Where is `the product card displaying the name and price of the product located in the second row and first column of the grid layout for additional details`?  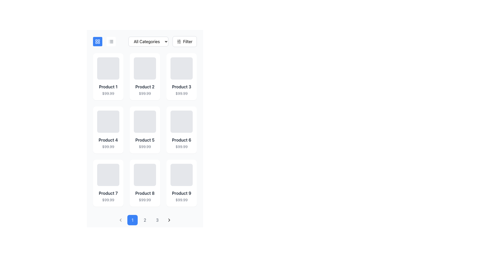 the product card displaying the name and price of the product located in the second row and first column of the grid layout for additional details is located at coordinates (108, 129).